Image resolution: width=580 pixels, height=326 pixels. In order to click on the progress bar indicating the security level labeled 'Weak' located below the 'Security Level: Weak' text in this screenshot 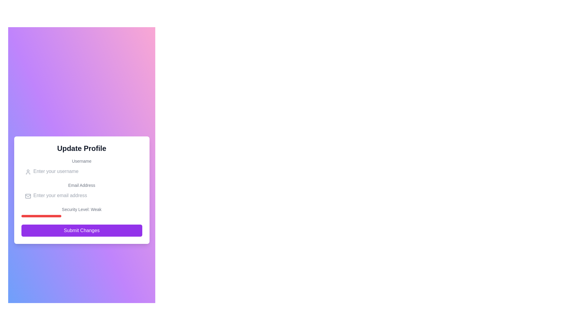, I will do `click(41, 216)`.